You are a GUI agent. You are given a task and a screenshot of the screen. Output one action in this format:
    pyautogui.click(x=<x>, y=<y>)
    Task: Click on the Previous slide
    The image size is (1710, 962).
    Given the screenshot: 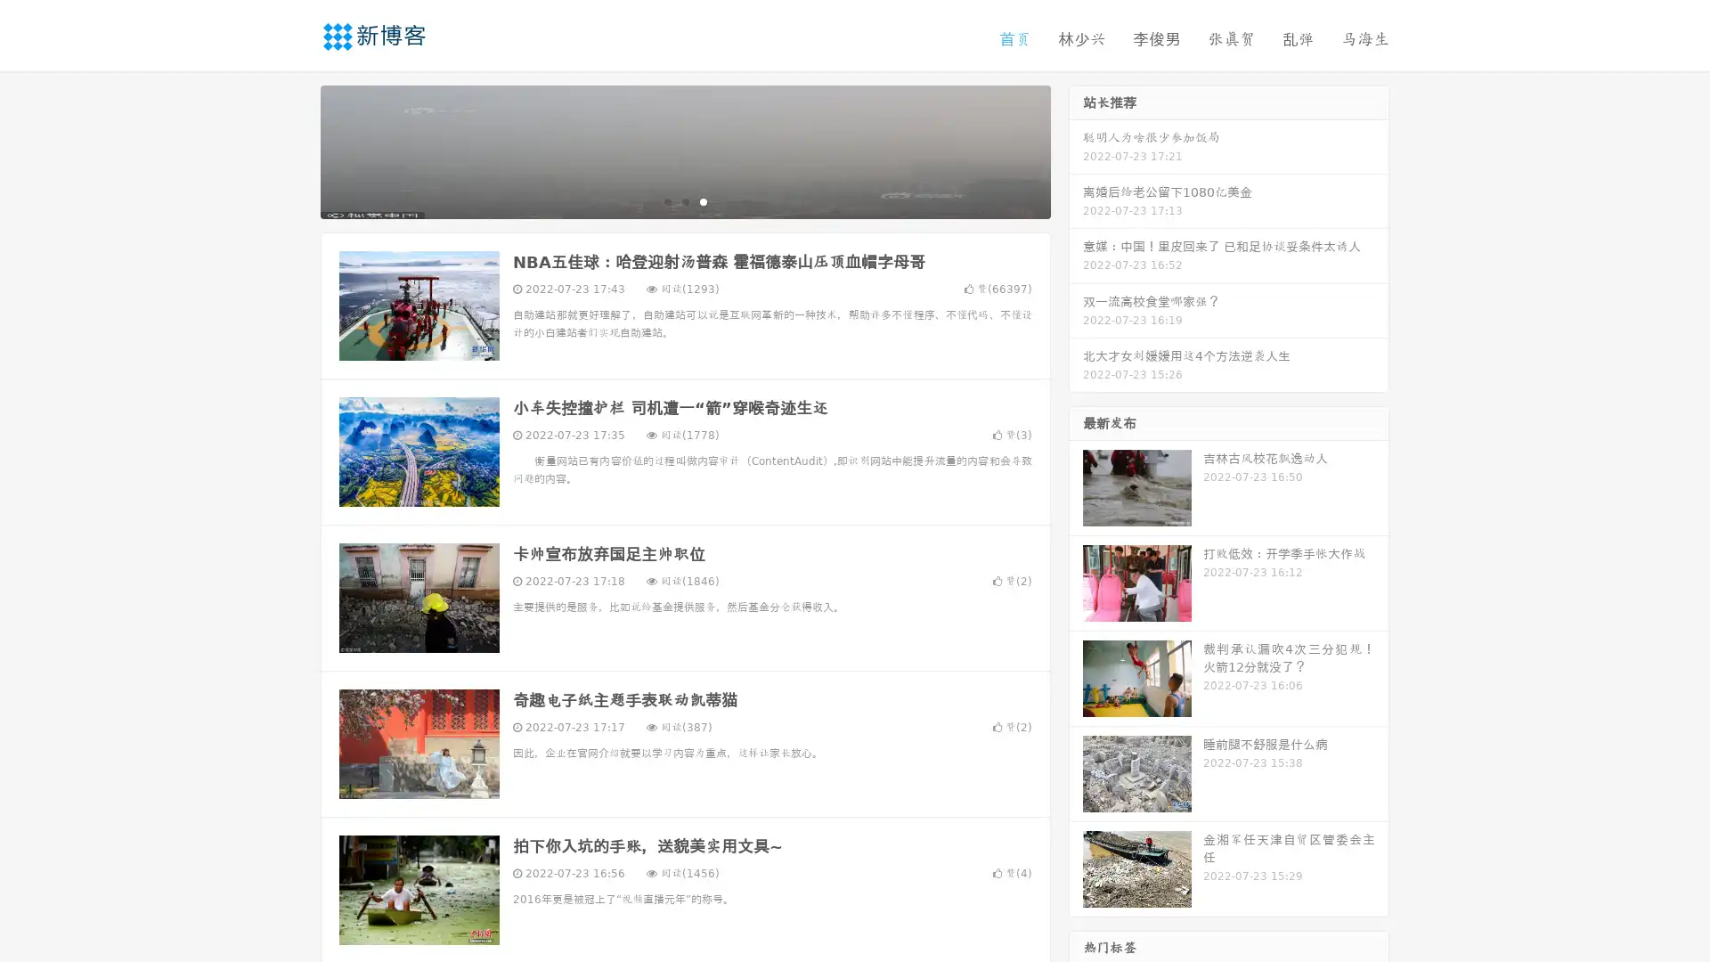 What is the action you would take?
    pyautogui.click(x=294, y=150)
    